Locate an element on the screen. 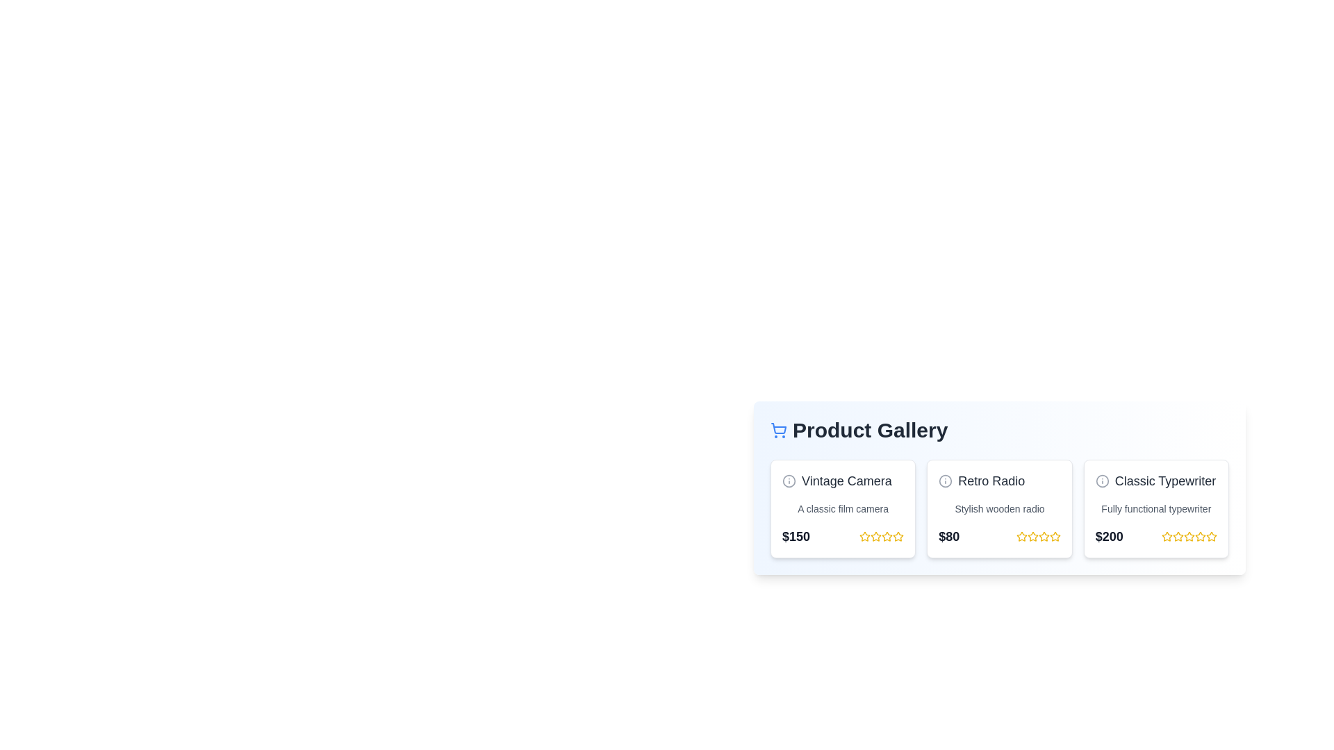 The width and height of the screenshot is (1334, 750). the icon within the product card for Retro Radio is located at coordinates (945, 481).